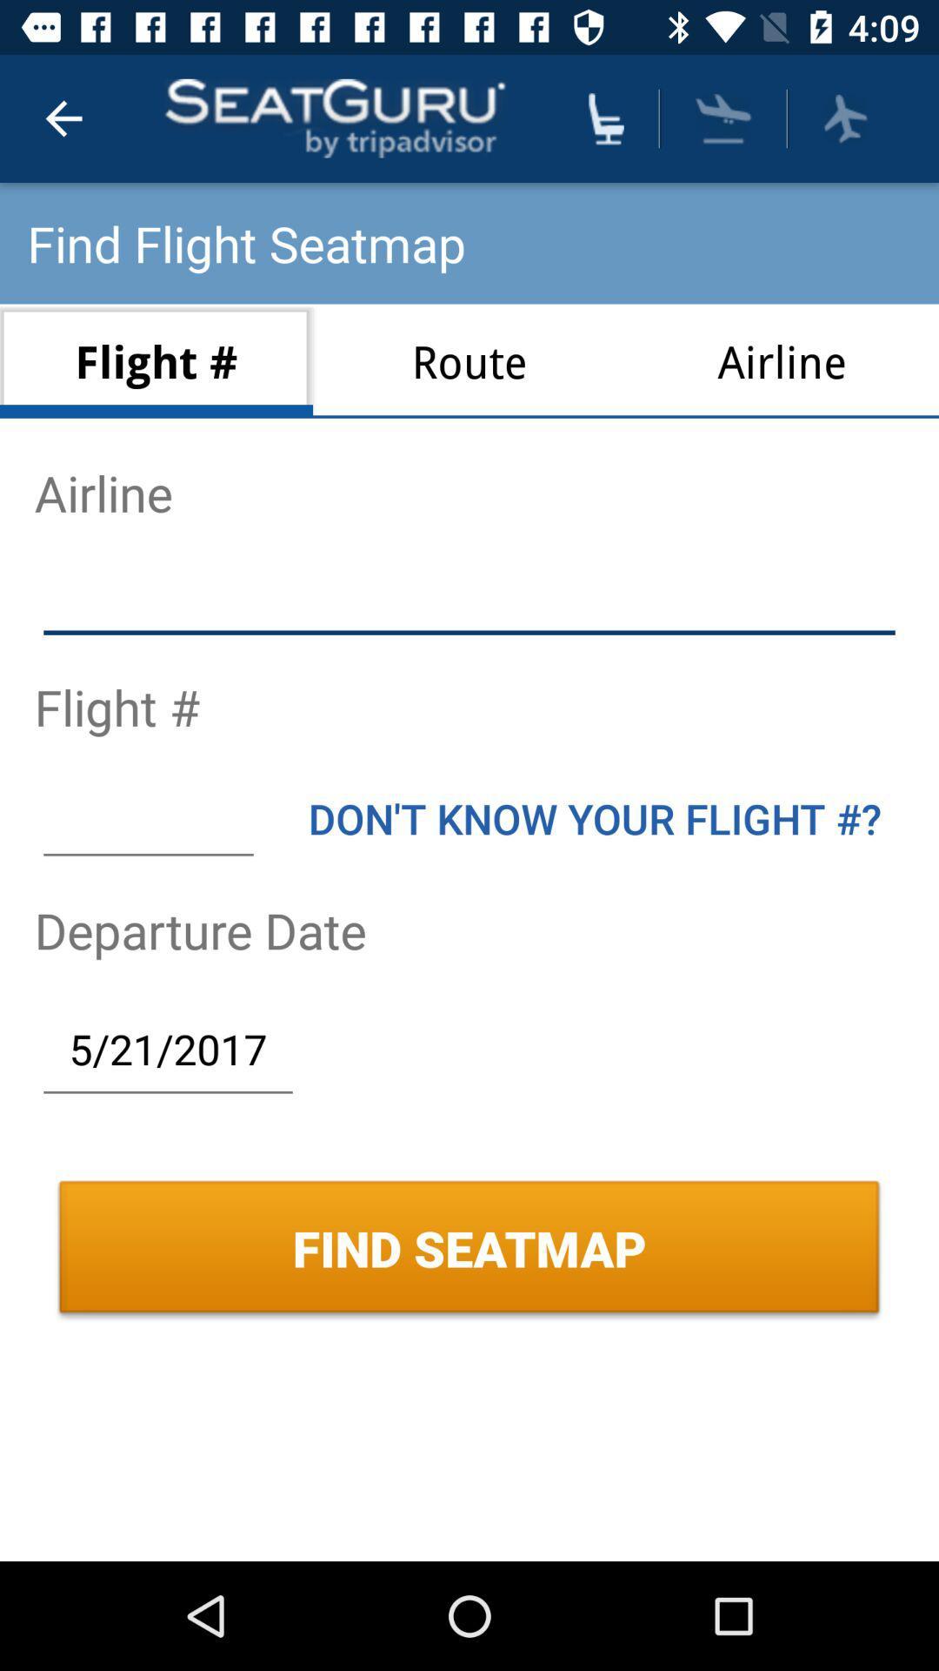 Image resolution: width=939 pixels, height=1671 pixels. Describe the element at coordinates (844, 117) in the screenshot. I see `flight departure` at that location.